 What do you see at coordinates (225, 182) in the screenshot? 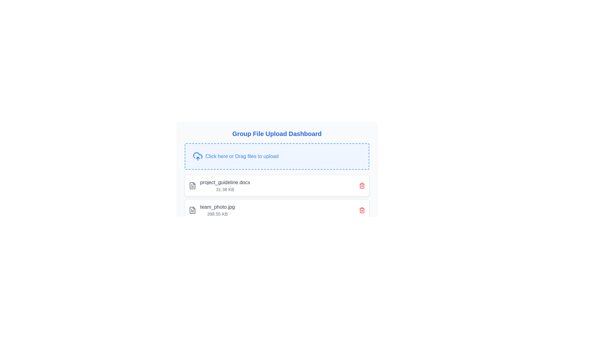
I see `on the text label displaying the file name 'project_guideline.docx', located above the file size '31.38 KB'` at bounding box center [225, 182].